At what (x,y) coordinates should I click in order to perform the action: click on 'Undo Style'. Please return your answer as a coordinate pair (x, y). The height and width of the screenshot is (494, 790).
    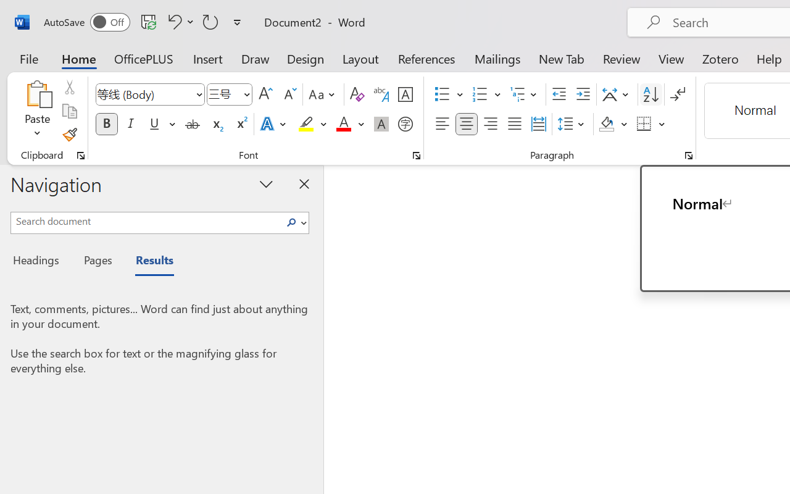
    Looking at the image, I should click on (172, 21).